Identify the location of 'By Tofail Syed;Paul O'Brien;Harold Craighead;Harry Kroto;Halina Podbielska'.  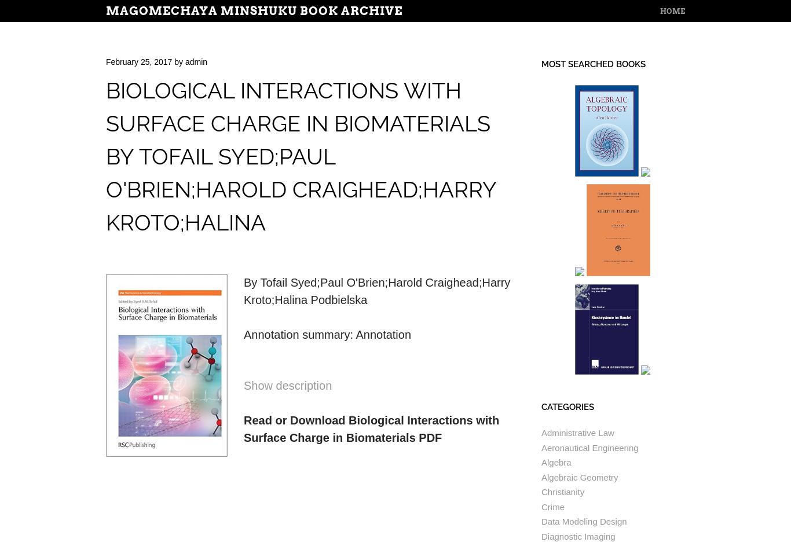
(376, 291).